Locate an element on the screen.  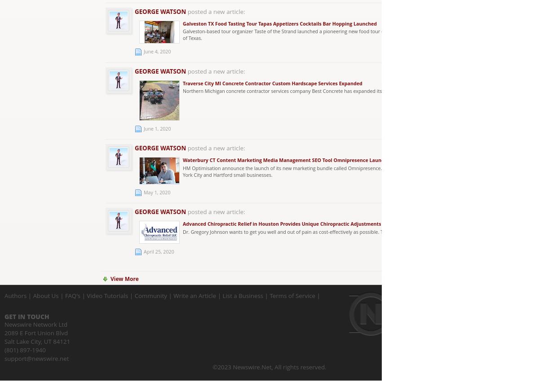
'(801) 897-1940' is located at coordinates (25, 349).